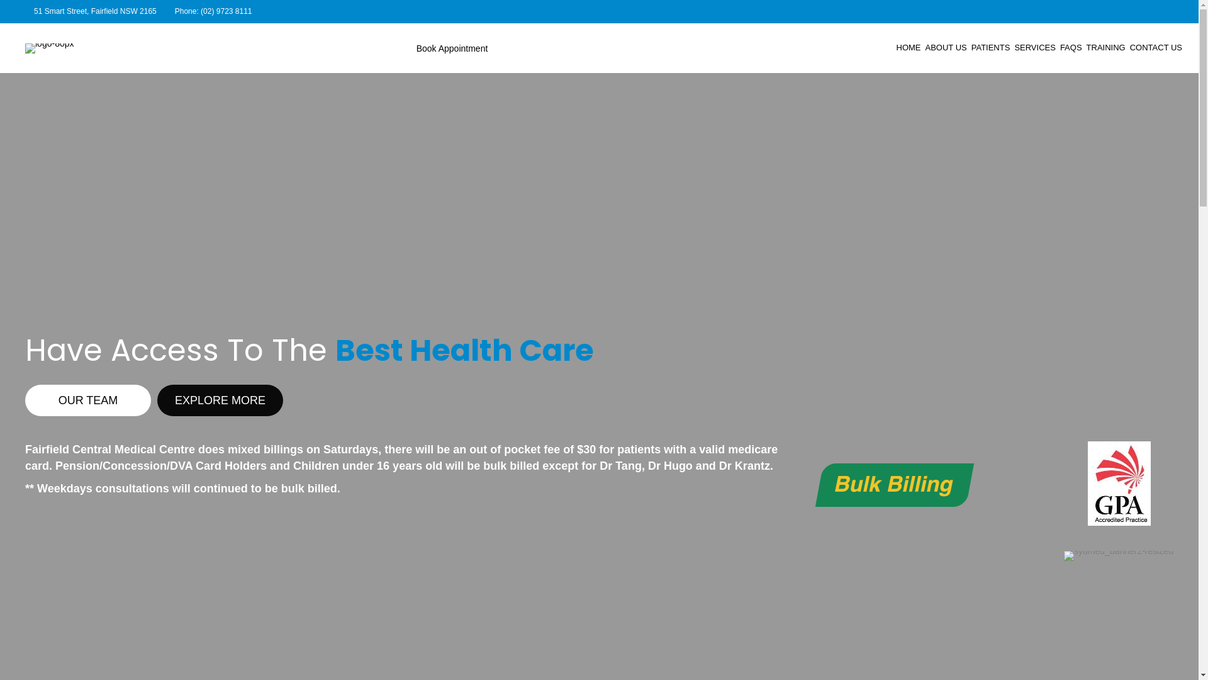 Image resolution: width=1208 pixels, height=680 pixels. I want to click on 'ABOUT US', so click(924, 47).